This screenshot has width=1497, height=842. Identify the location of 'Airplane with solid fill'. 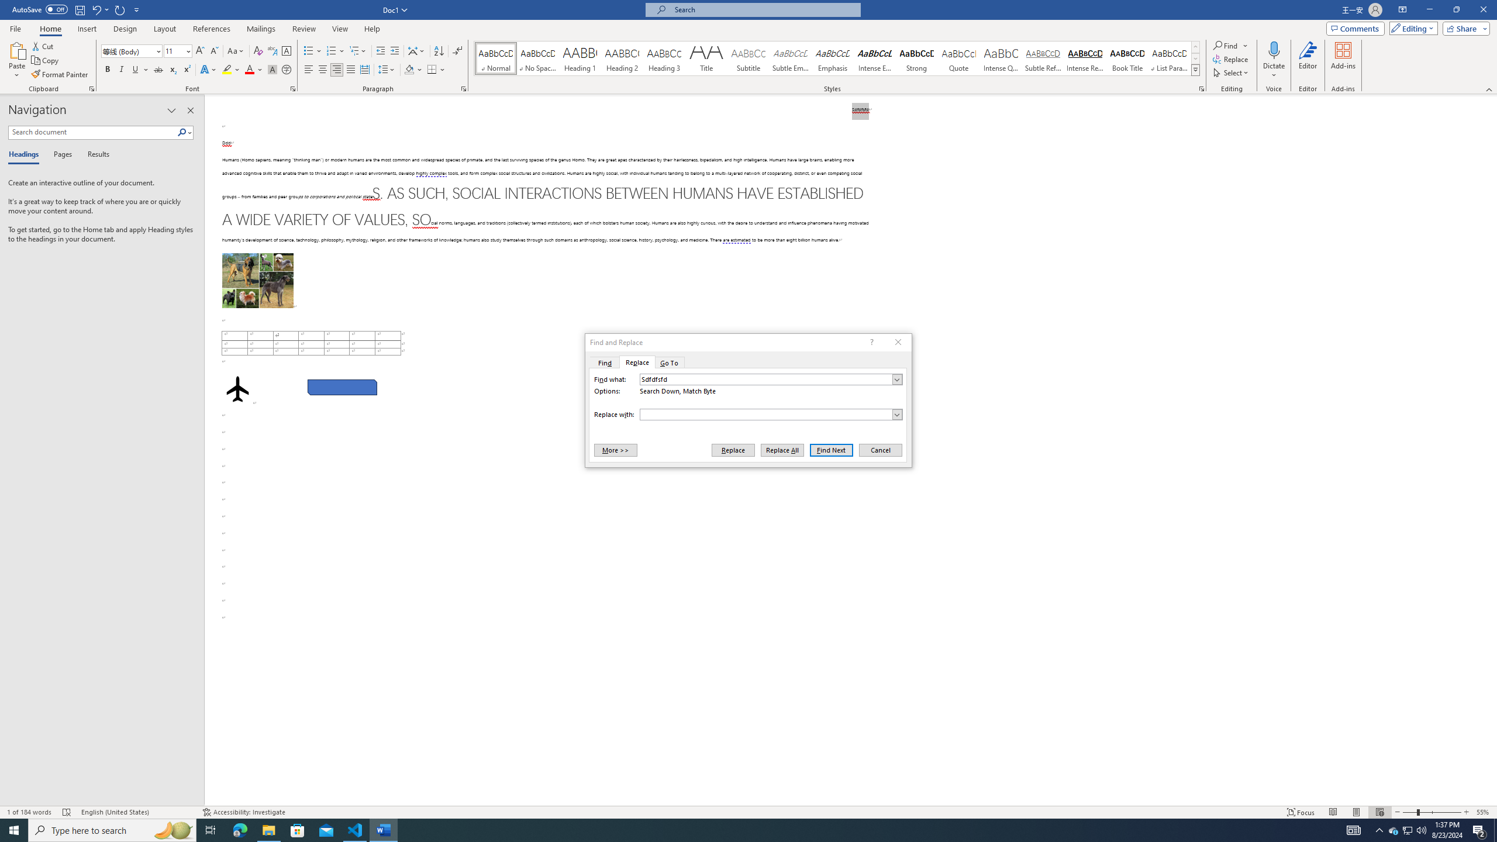
(236, 389).